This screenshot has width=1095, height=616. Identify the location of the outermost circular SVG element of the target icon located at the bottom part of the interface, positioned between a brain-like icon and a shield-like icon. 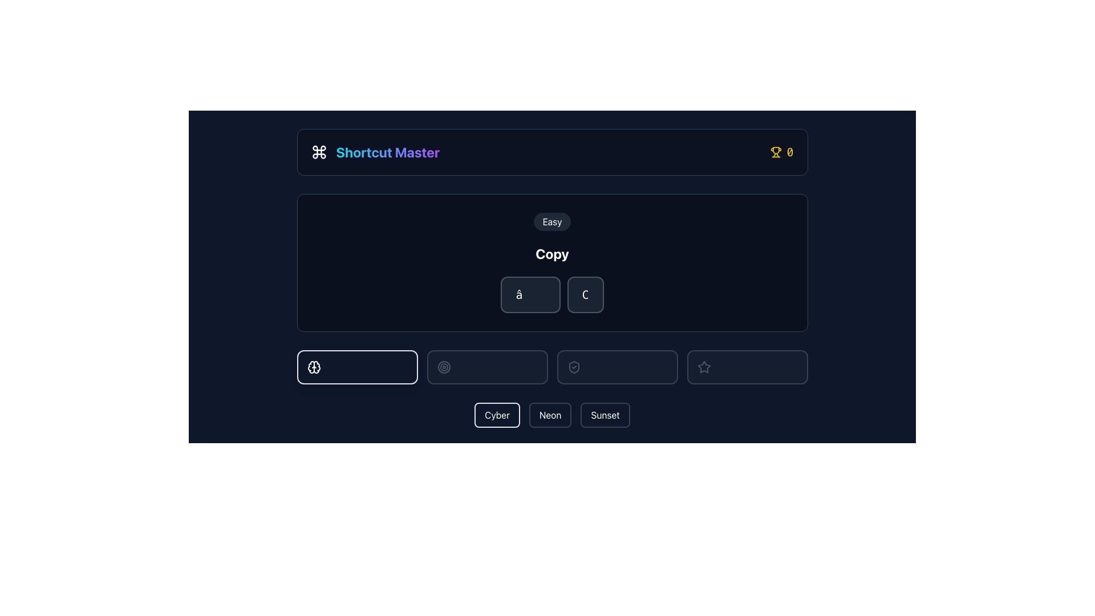
(443, 367).